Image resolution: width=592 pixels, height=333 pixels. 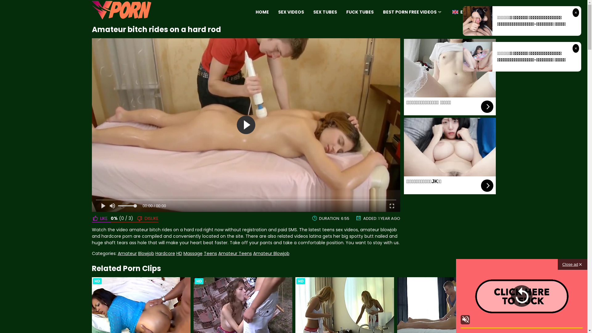 I want to click on 'Teens', so click(x=210, y=253).